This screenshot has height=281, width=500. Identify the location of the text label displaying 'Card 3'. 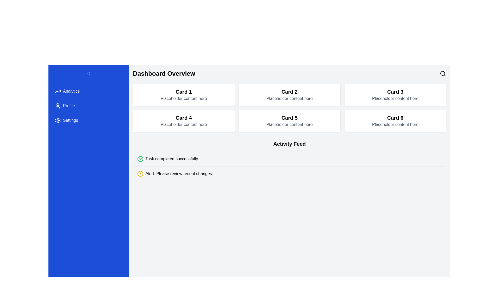
(395, 92).